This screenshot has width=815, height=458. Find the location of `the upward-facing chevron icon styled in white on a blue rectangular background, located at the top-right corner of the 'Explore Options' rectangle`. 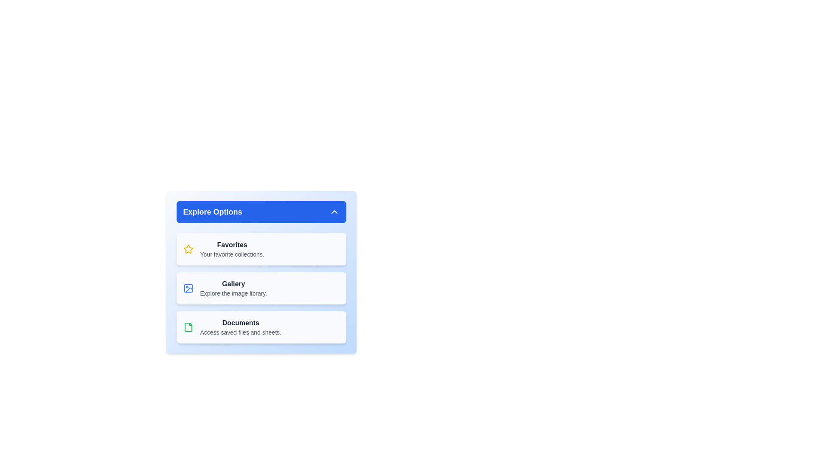

the upward-facing chevron icon styled in white on a blue rectangular background, located at the top-right corner of the 'Explore Options' rectangle is located at coordinates (334, 212).